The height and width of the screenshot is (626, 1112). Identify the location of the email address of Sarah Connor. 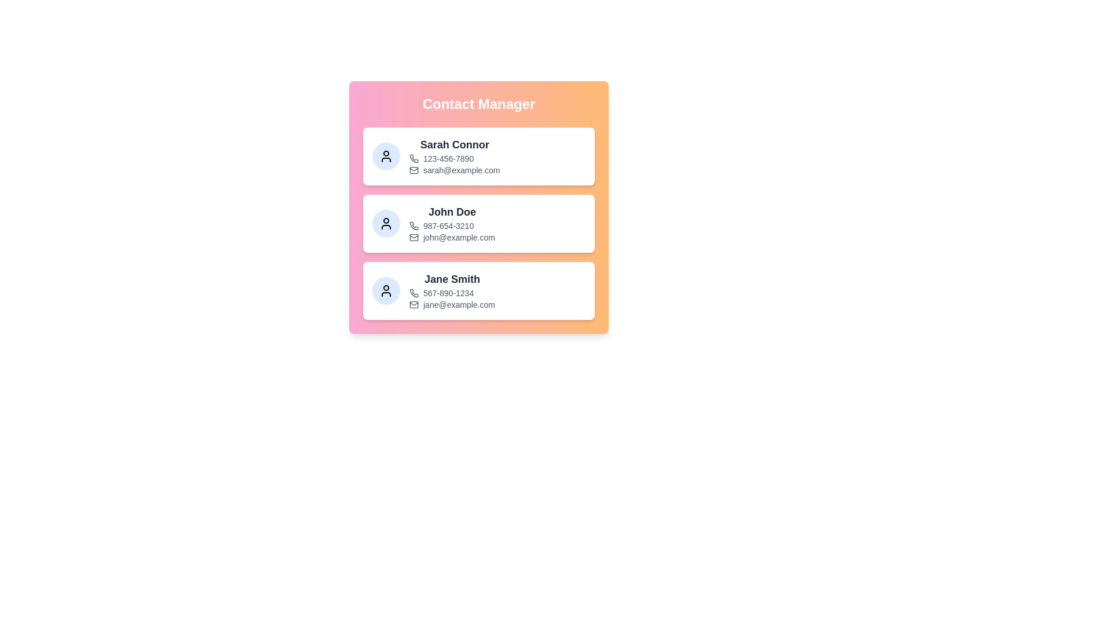
(461, 170).